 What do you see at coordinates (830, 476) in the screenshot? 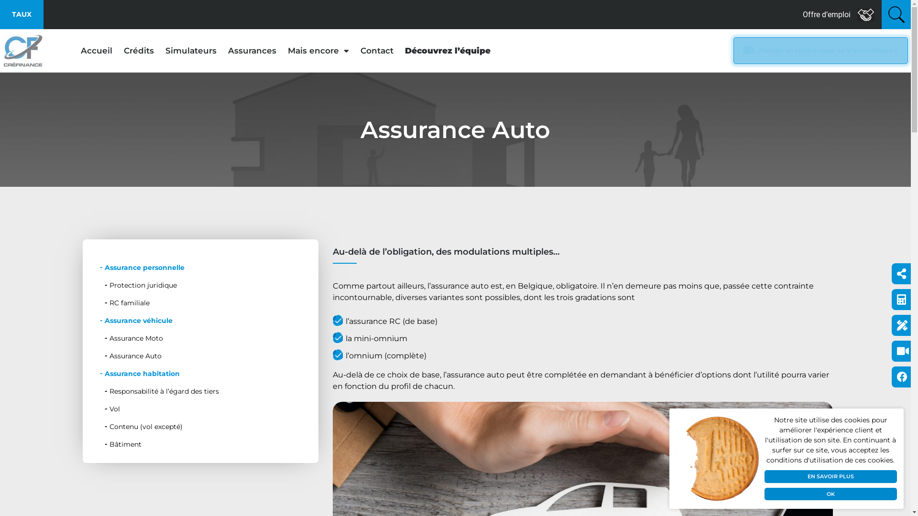
I see `'EN SAVOIR PLUS'` at bounding box center [830, 476].